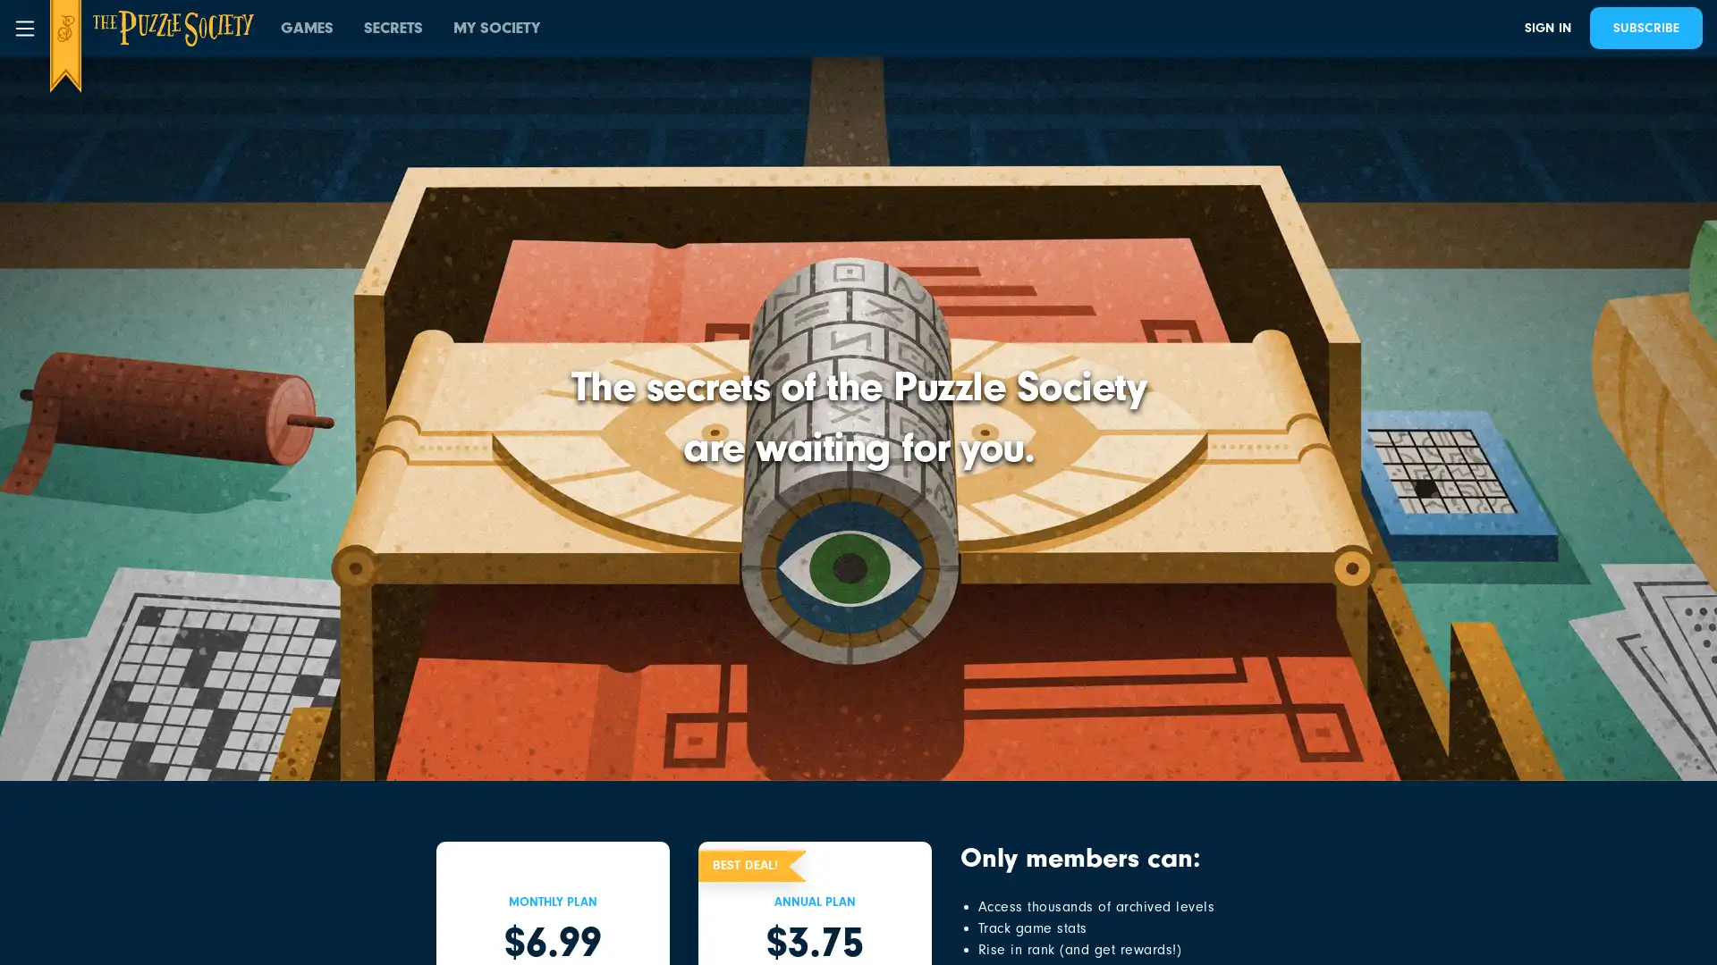  I want to click on SUBSCRIBE, so click(1645, 28).